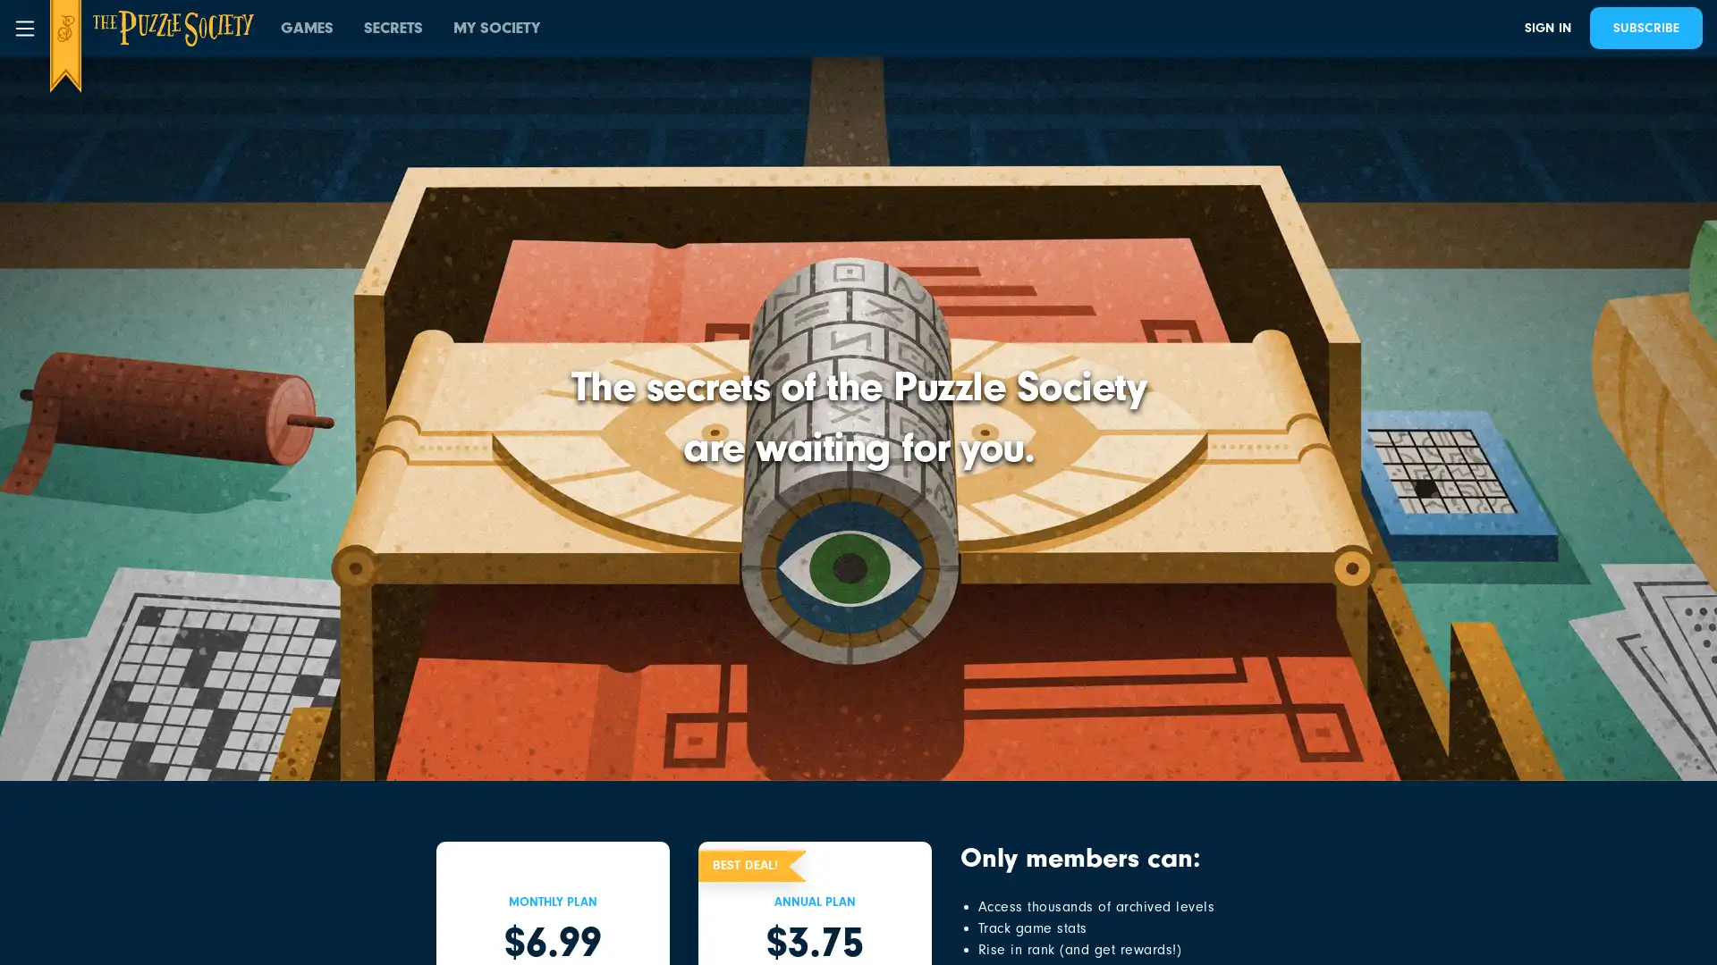  I want to click on SUBSCRIBE, so click(1645, 28).